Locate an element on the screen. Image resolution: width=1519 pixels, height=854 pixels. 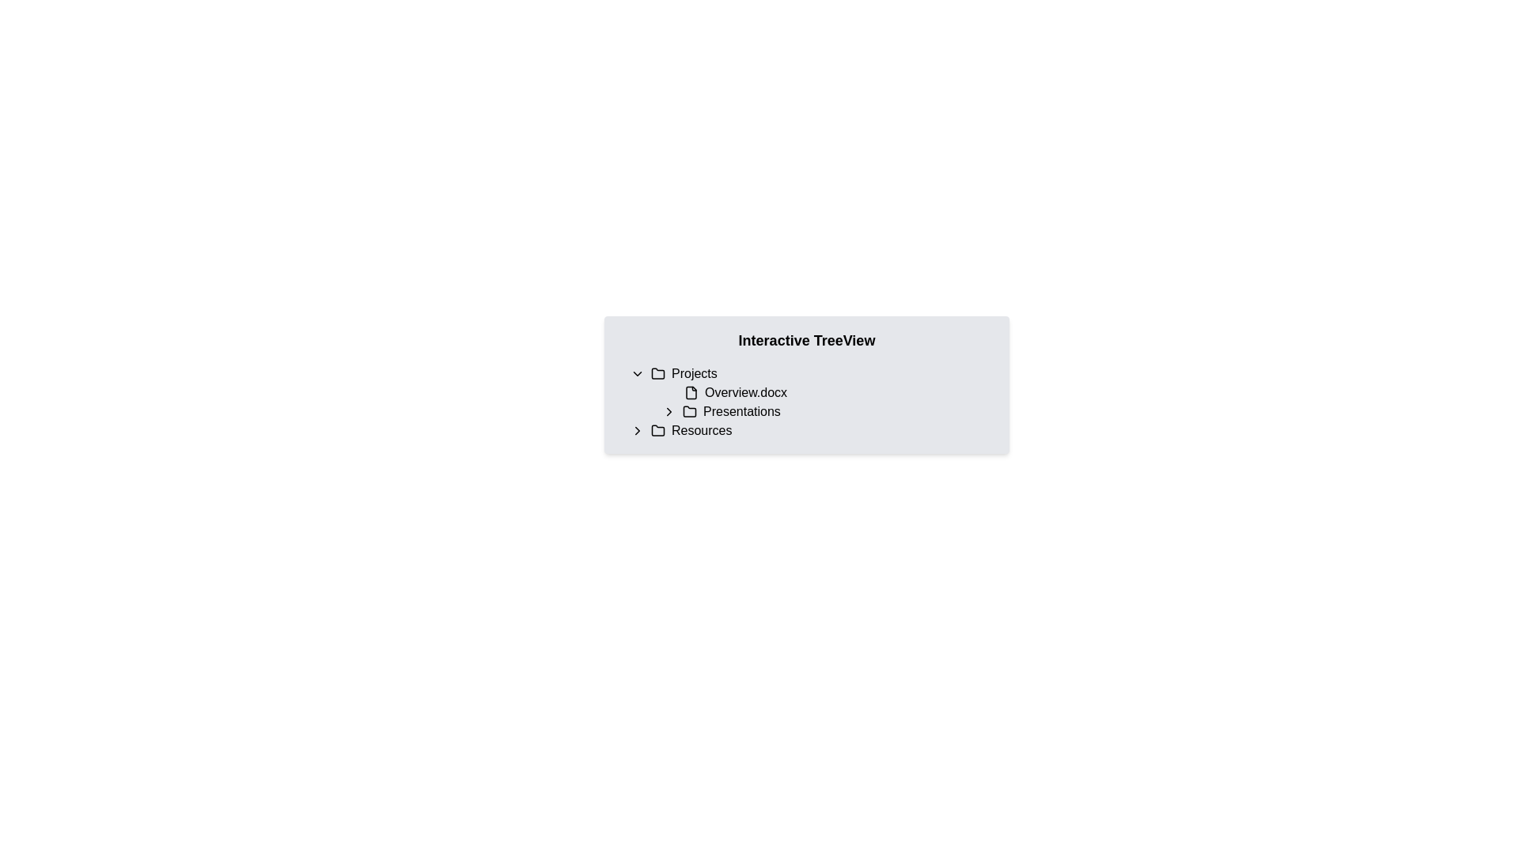
the folder icon located under the 'Projects' section is located at coordinates (690, 410).